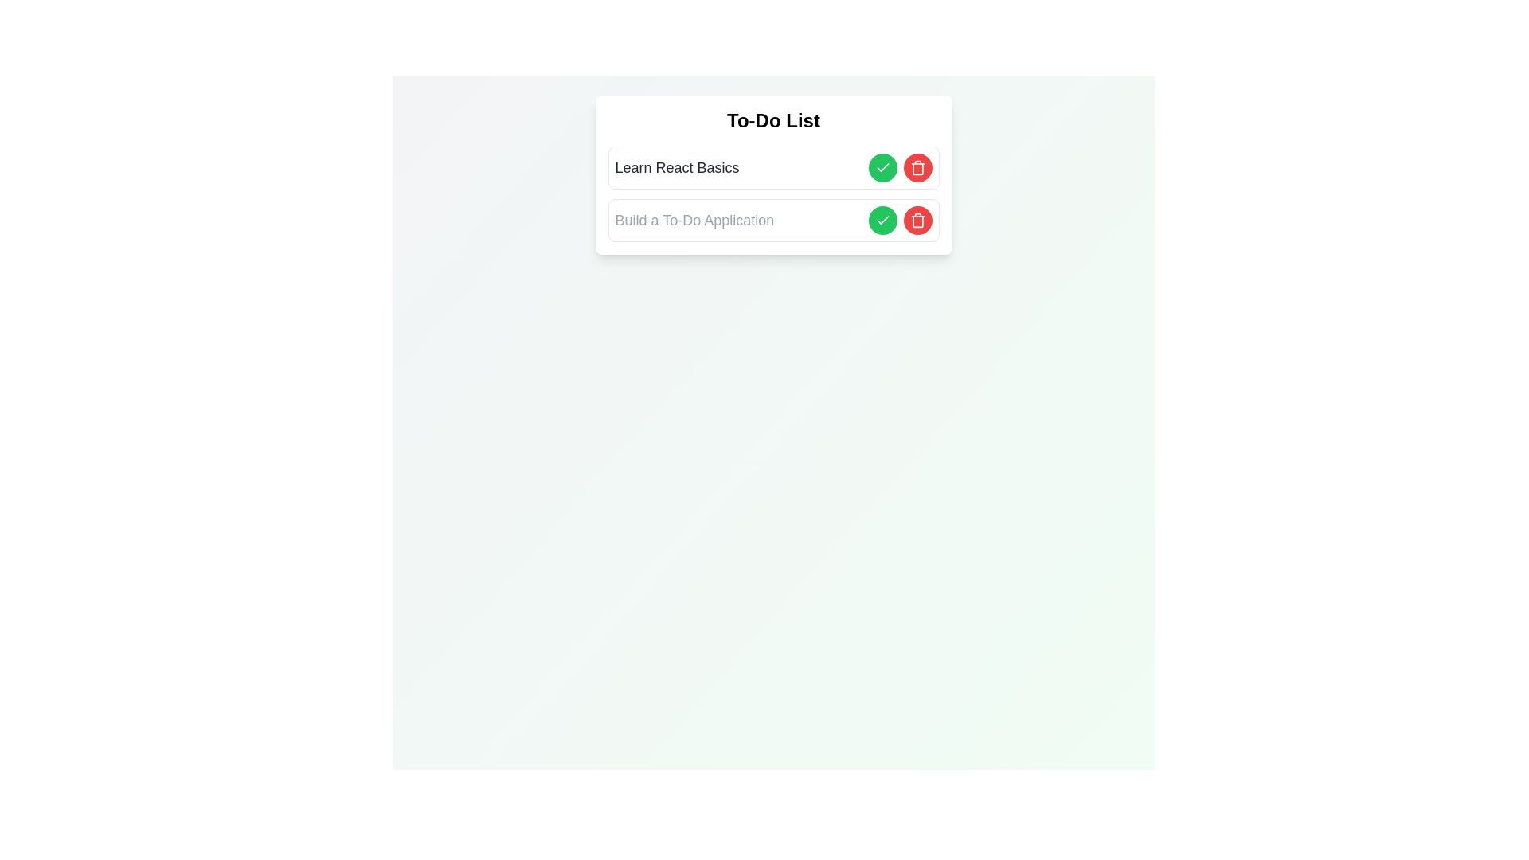 The width and height of the screenshot is (1529, 860). What do you see at coordinates (882, 220) in the screenshot?
I see `the green circular checkmark icon next to 'Learn React Basics' in the first row of the to-do list` at bounding box center [882, 220].